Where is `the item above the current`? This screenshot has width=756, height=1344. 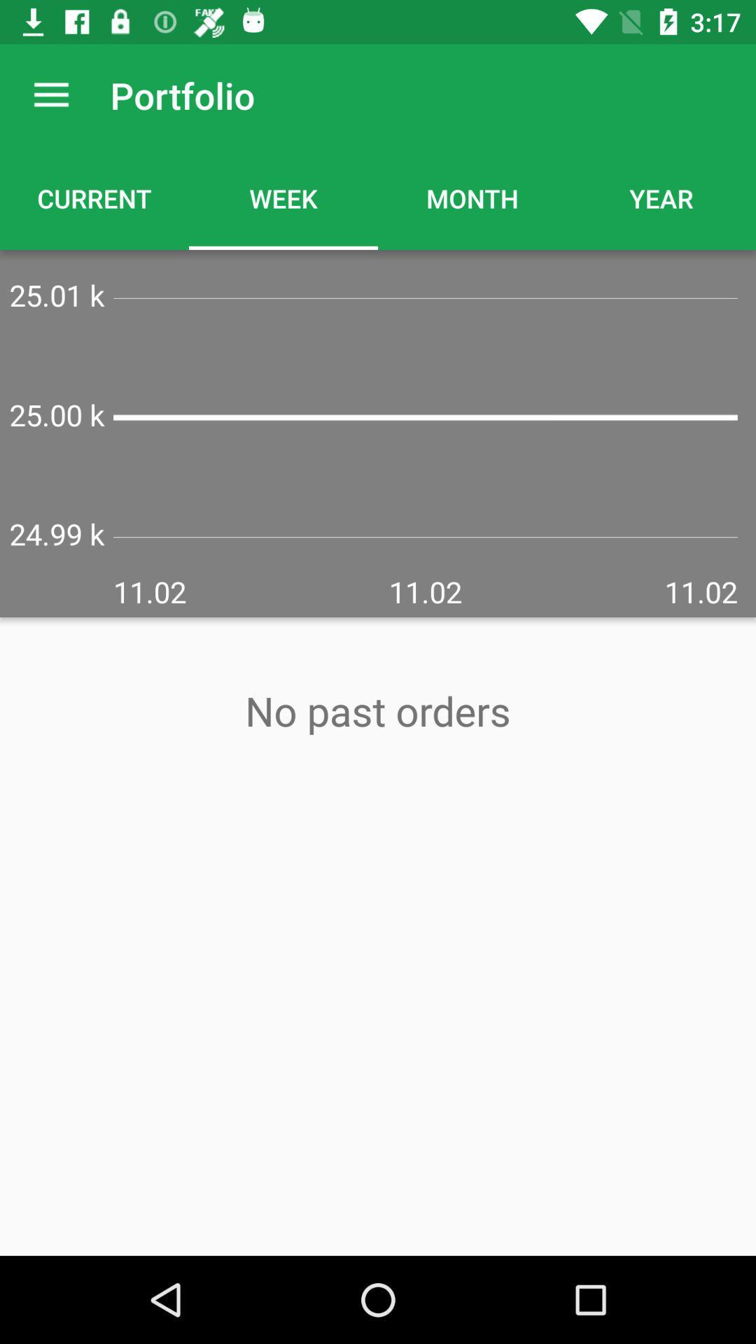
the item above the current is located at coordinates (50, 94).